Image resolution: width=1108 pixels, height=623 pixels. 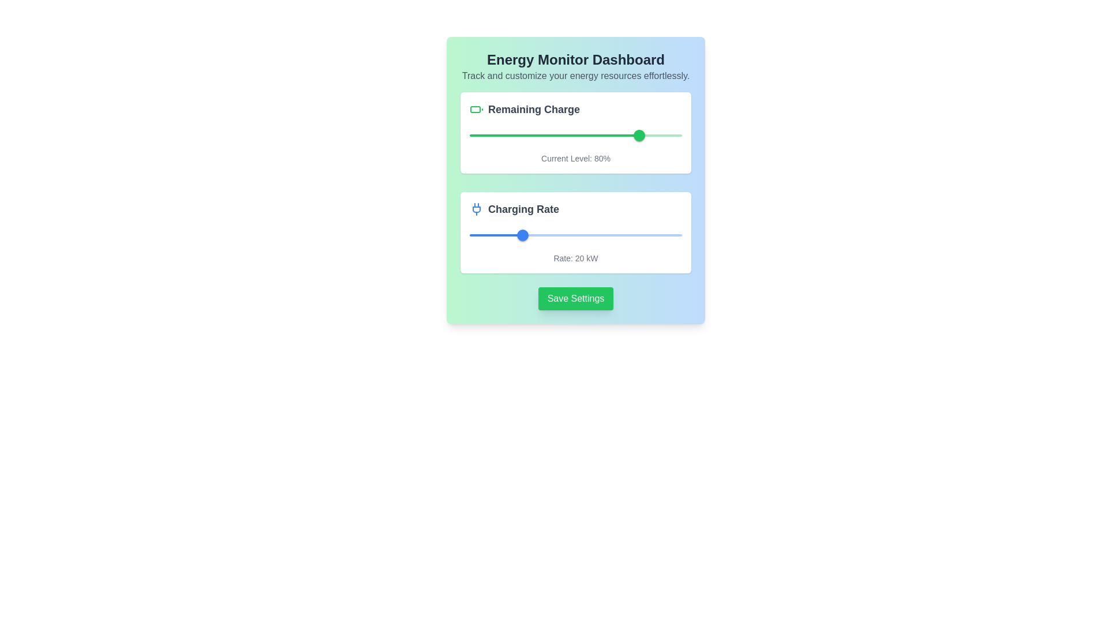 What do you see at coordinates (522, 235) in the screenshot?
I see `the charging rate` at bounding box center [522, 235].